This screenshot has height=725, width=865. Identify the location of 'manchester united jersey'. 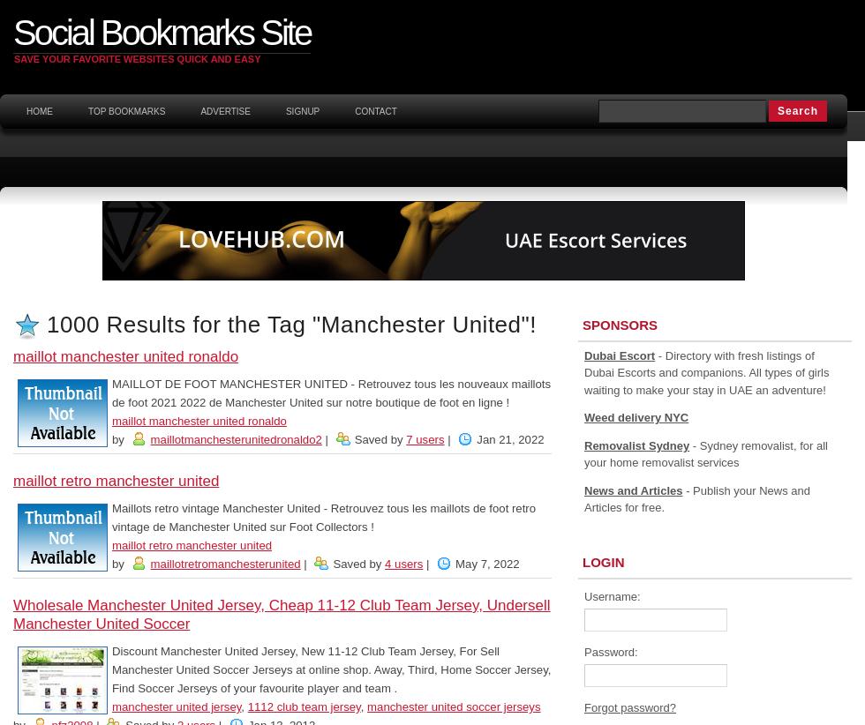
(177, 706).